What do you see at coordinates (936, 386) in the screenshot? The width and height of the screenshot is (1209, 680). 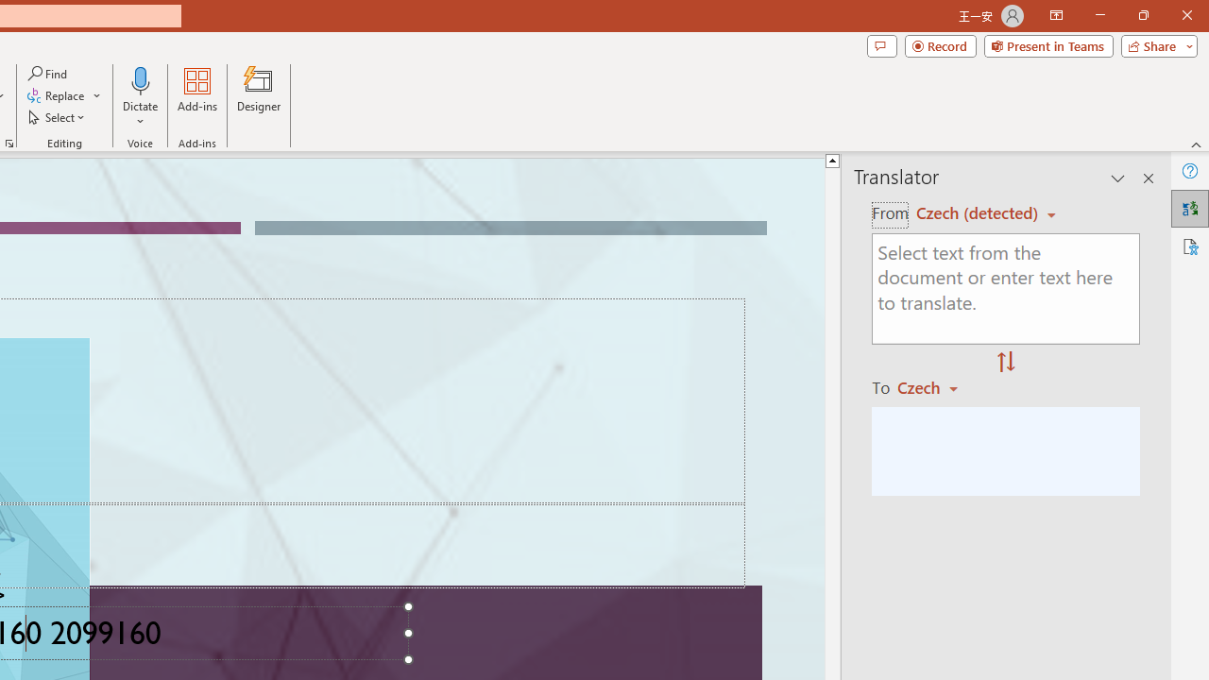 I see `'Czech'` at bounding box center [936, 386].